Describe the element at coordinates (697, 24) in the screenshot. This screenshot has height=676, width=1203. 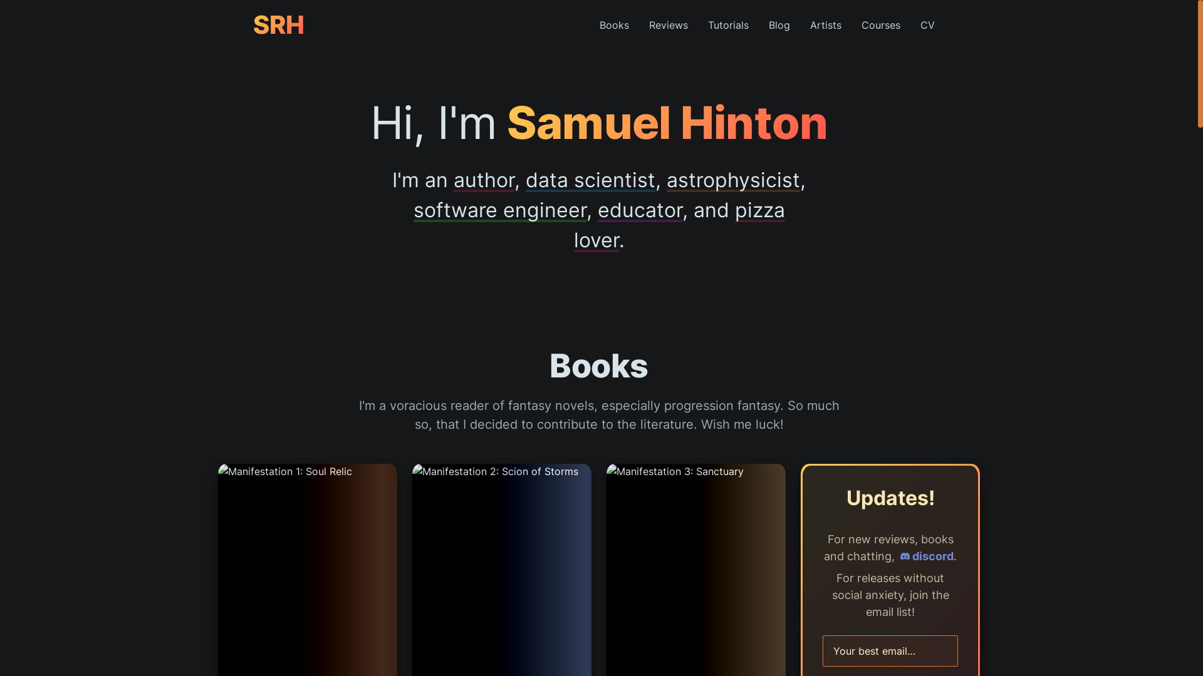
I see `'Tutorials'` at that location.